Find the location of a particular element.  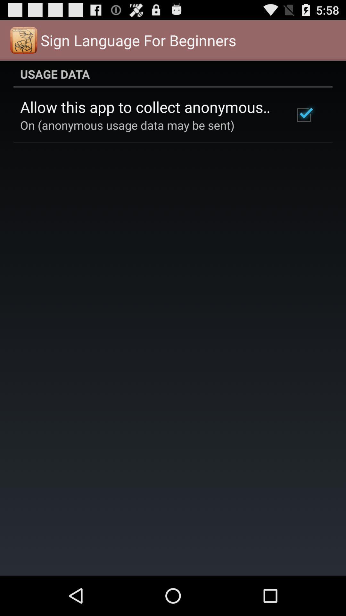

app to the right of allow this app app is located at coordinates (303, 115).